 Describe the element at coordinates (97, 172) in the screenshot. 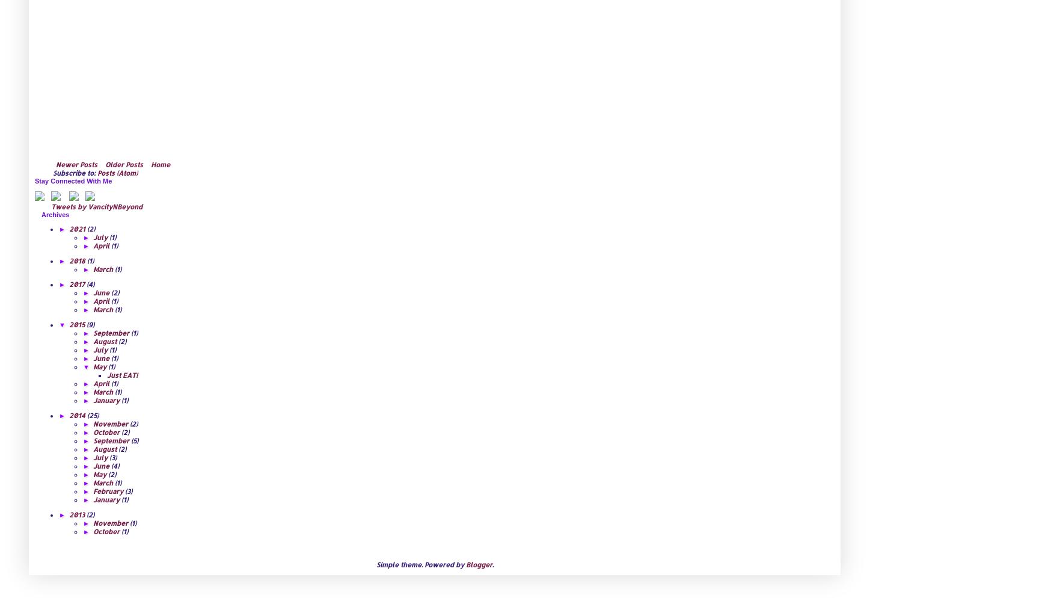

I see `'Posts (Atom)'` at that location.